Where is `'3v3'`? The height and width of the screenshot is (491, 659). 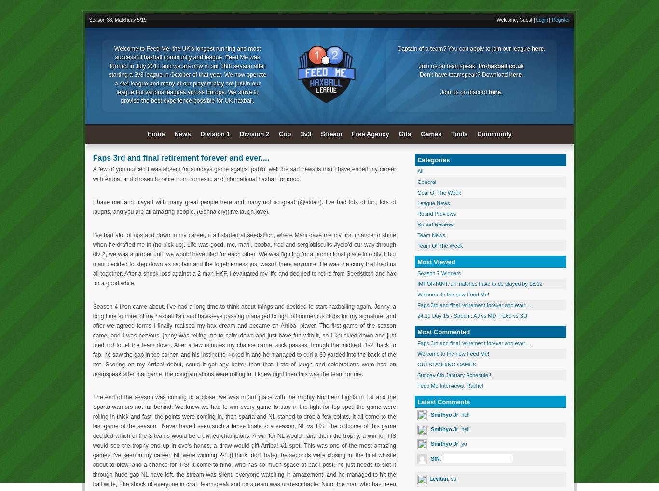 '3v3' is located at coordinates (305, 133).